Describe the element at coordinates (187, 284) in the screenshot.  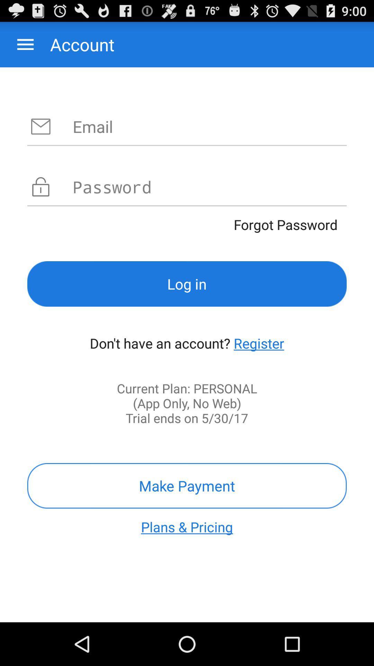
I see `the icon above the don t have item` at that location.